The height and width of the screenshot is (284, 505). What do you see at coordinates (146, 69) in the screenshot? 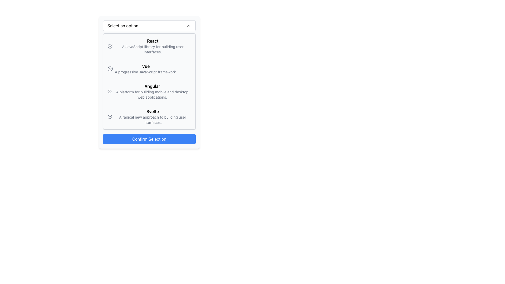
I see `the List item with the title 'Vue' and subtitle 'A progressive JavaScript framework.'` at bounding box center [146, 69].